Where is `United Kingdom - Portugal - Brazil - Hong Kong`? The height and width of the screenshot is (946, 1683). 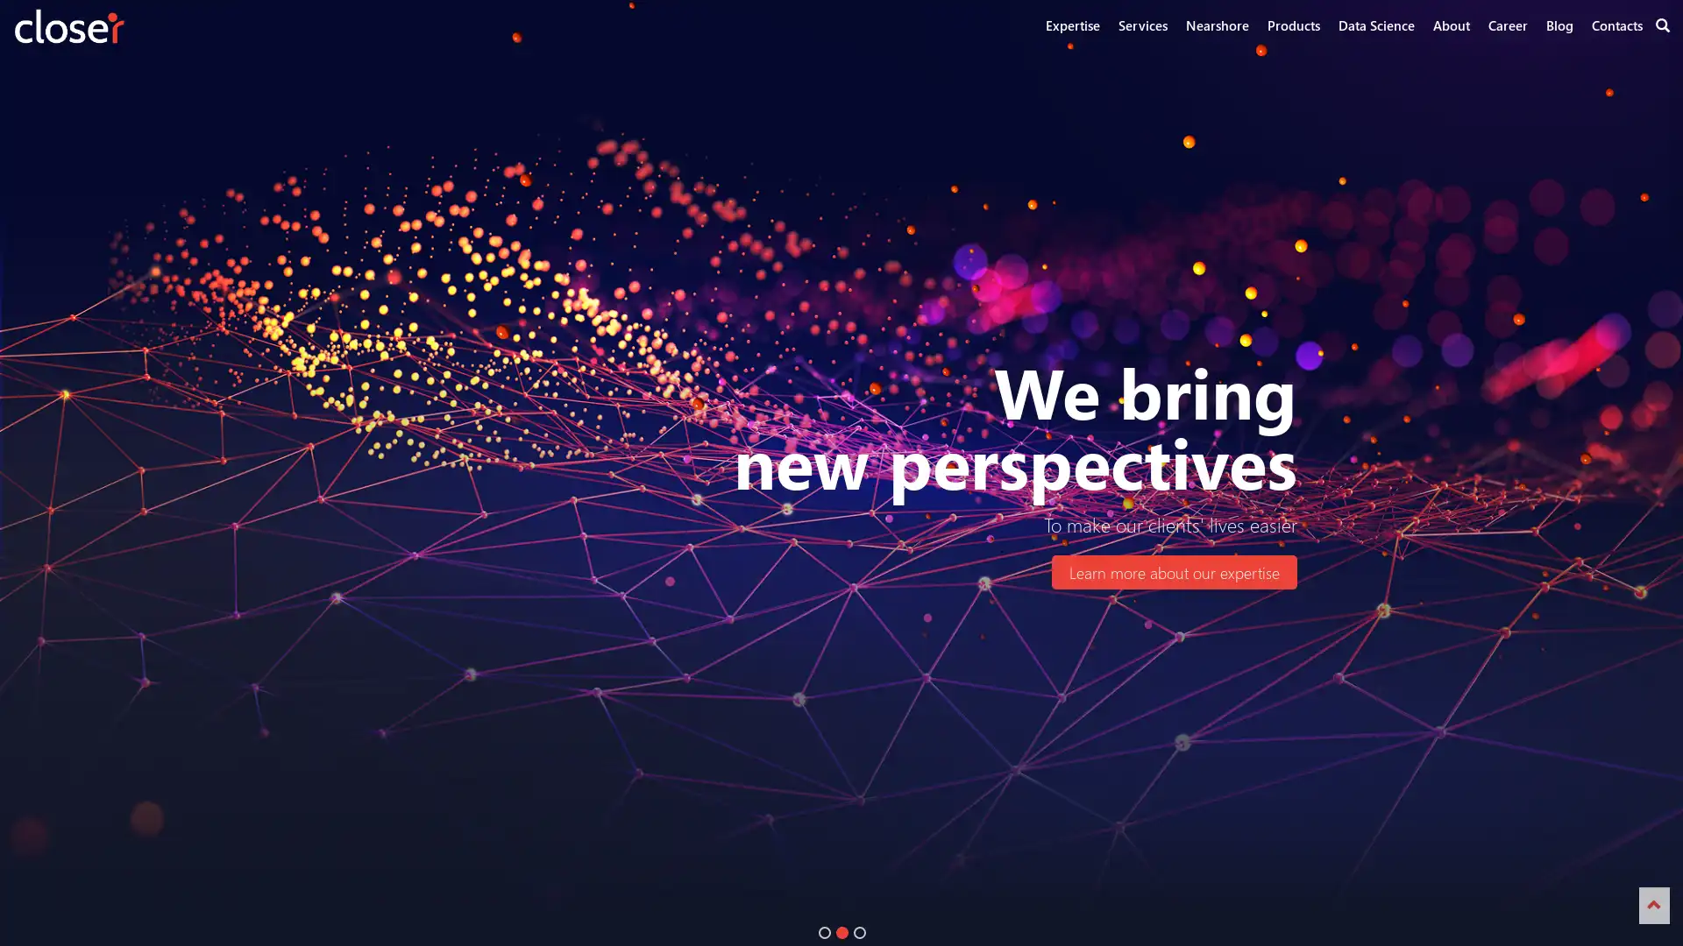 United Kingdom - Portugal - Brazil - Hong Kong is located at coordinates (549, 572).